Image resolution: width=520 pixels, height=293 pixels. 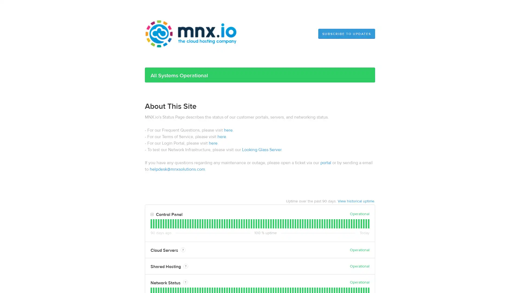 What do you see at coordinates (152, 214) in the screenshot?
I see `Toggle Control Panel` at bounding box center [152, 214].